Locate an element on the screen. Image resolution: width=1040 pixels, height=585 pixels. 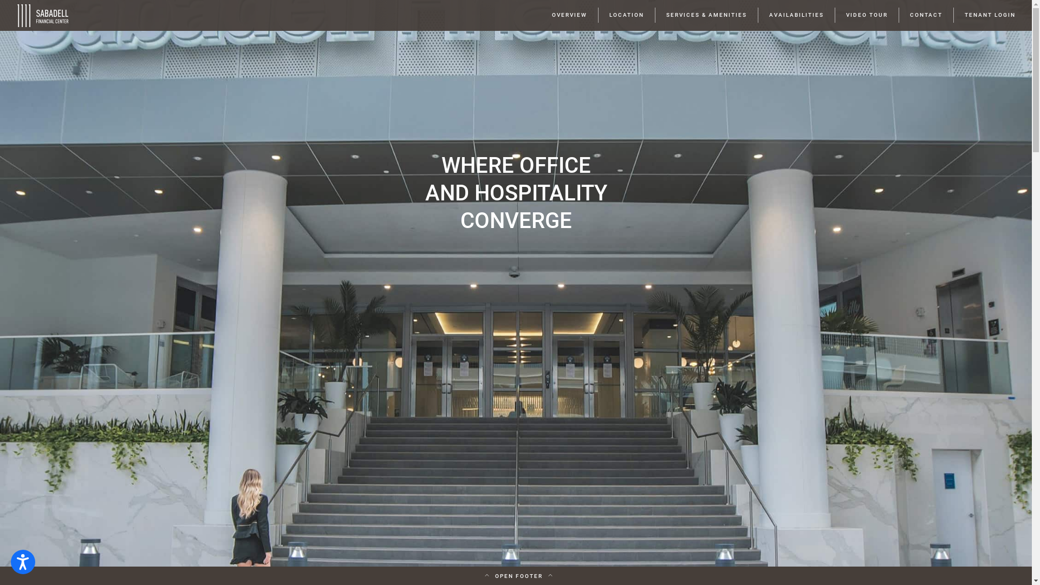
'TENANT LOGIN' is located at coordinates (990, 15).